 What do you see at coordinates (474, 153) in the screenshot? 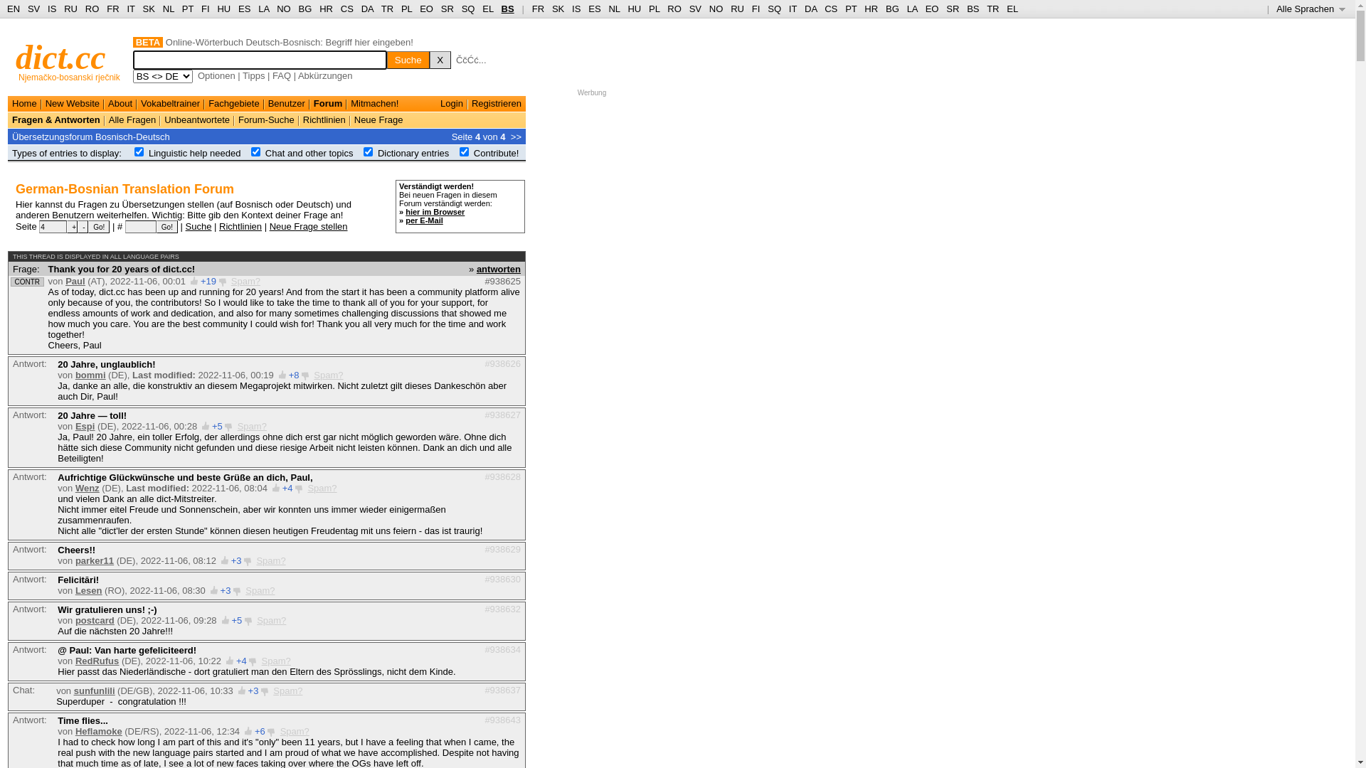
I see `'Contribute!'` at bounding box center [474, 153].